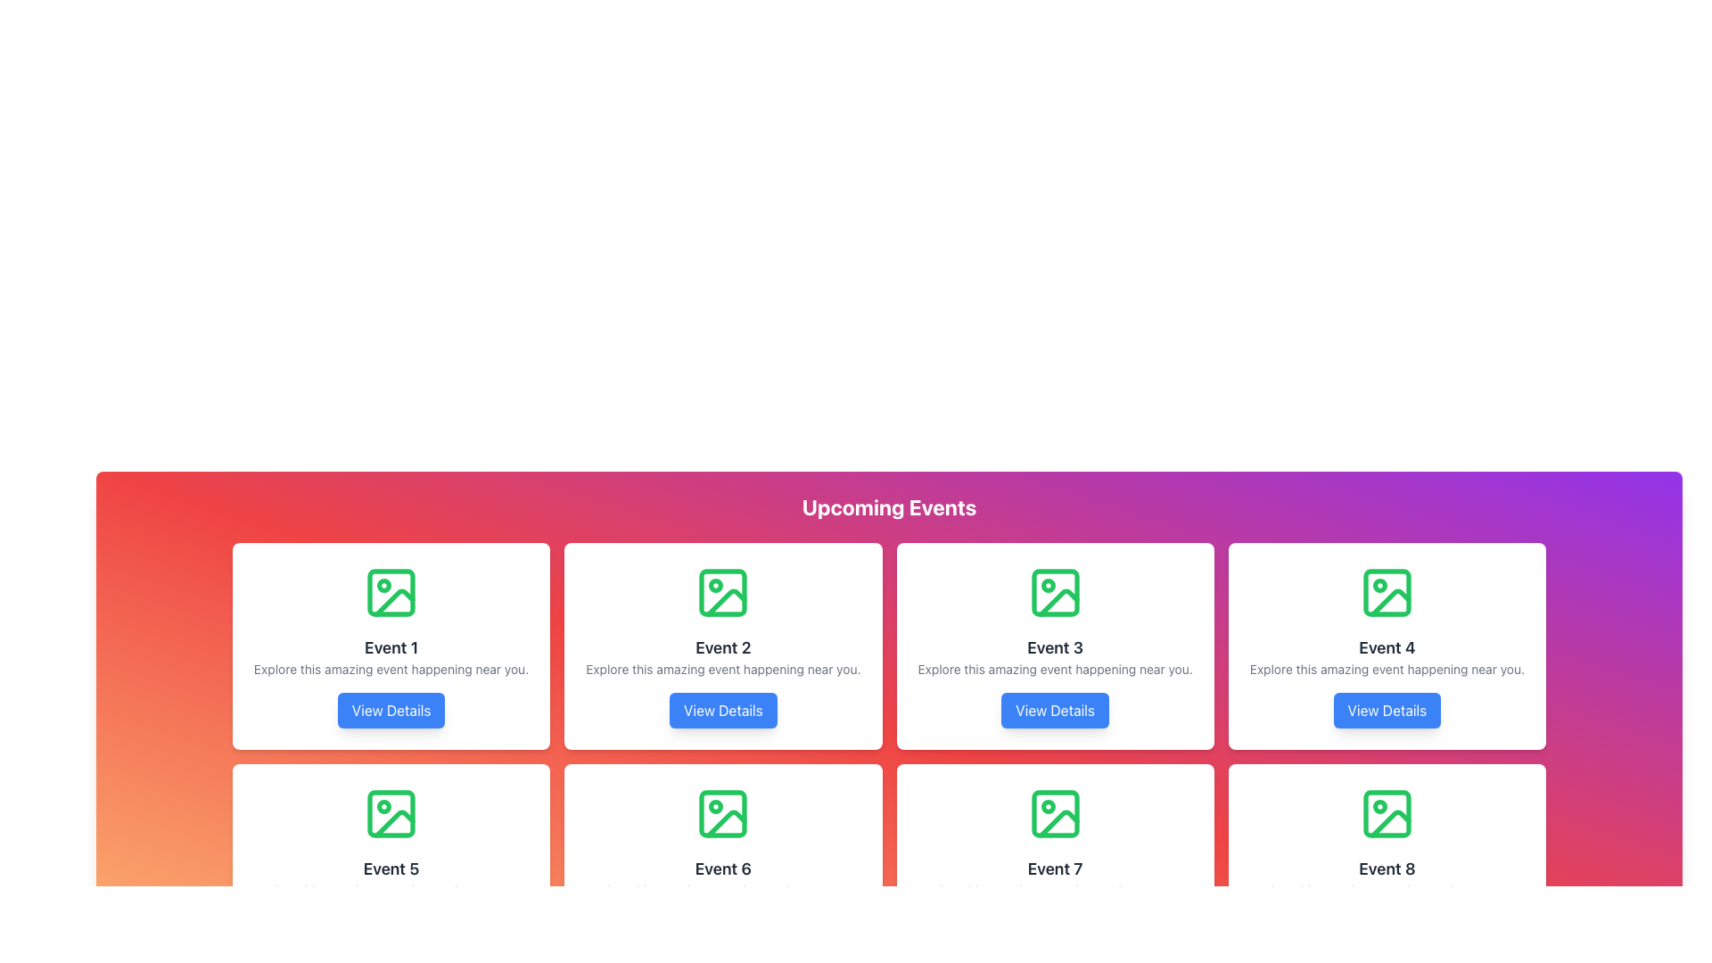 Image resolution: width=1712 pixels, height=963 pixels. Describe the element at coordinates (391, 647) in the screenshot. I see `the text label that serves as the title of the event in the first event info card located in the top-left corner of the grid layout` at that location.